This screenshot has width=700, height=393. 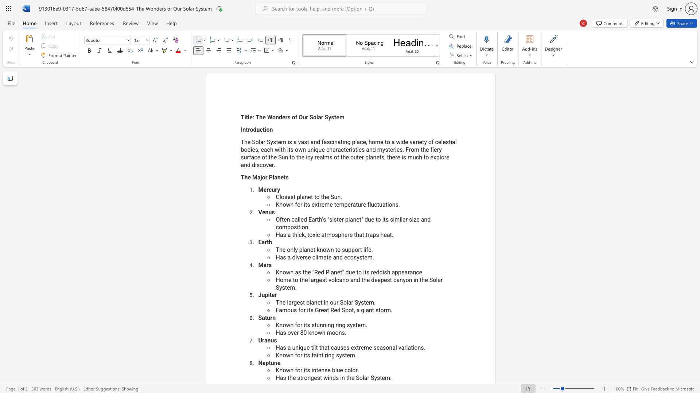 What do you see at coordinates (312, 377) in the screenshot?
I see `the 1th character "g" in the text` at bounding box center [312, 377].